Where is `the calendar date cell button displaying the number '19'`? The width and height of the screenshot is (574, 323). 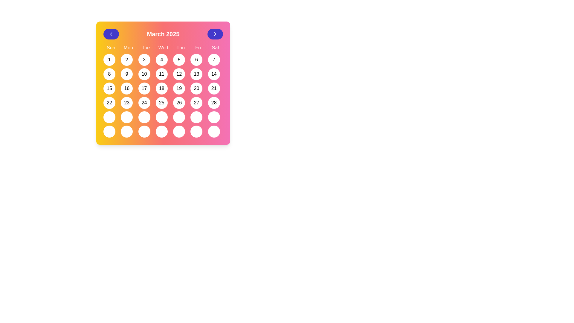 the calendar date cell button displaying the number '19' is located at coordinates (179, 89).